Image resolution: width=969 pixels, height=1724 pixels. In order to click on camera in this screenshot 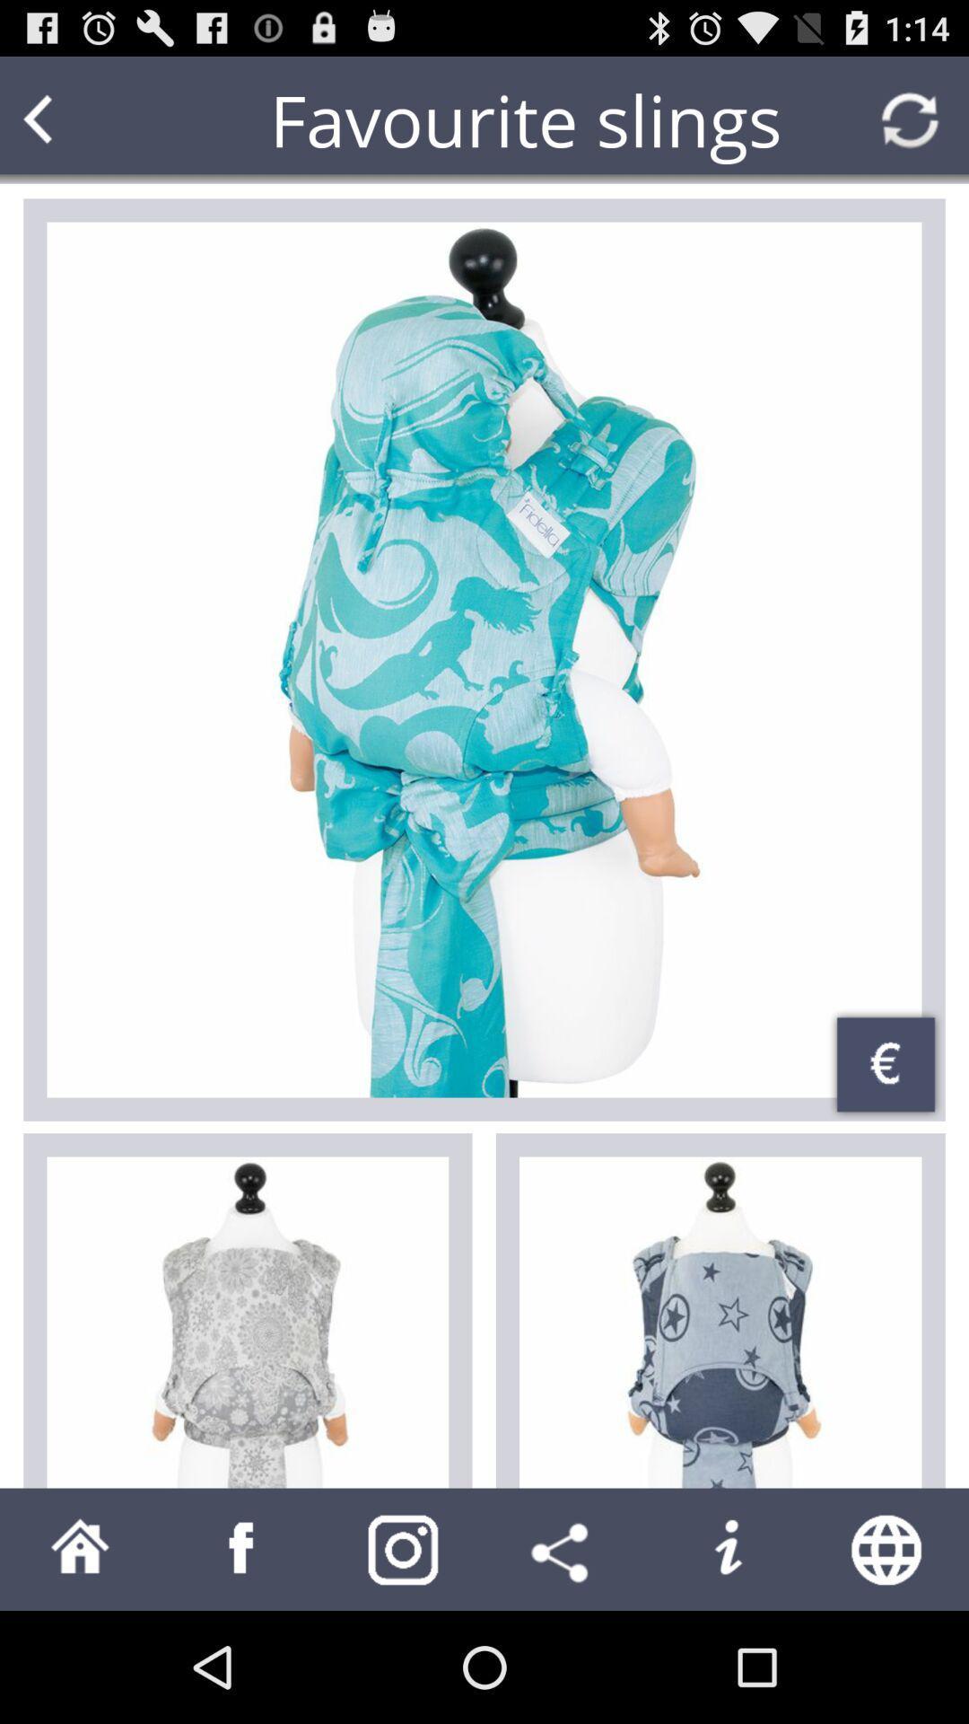, I will do `click(404, 1548)`.